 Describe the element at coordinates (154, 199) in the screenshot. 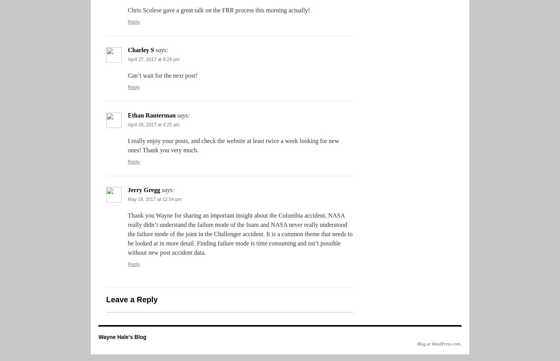

I see `'May 18, 2017 at 12:54 pm'` at that location.